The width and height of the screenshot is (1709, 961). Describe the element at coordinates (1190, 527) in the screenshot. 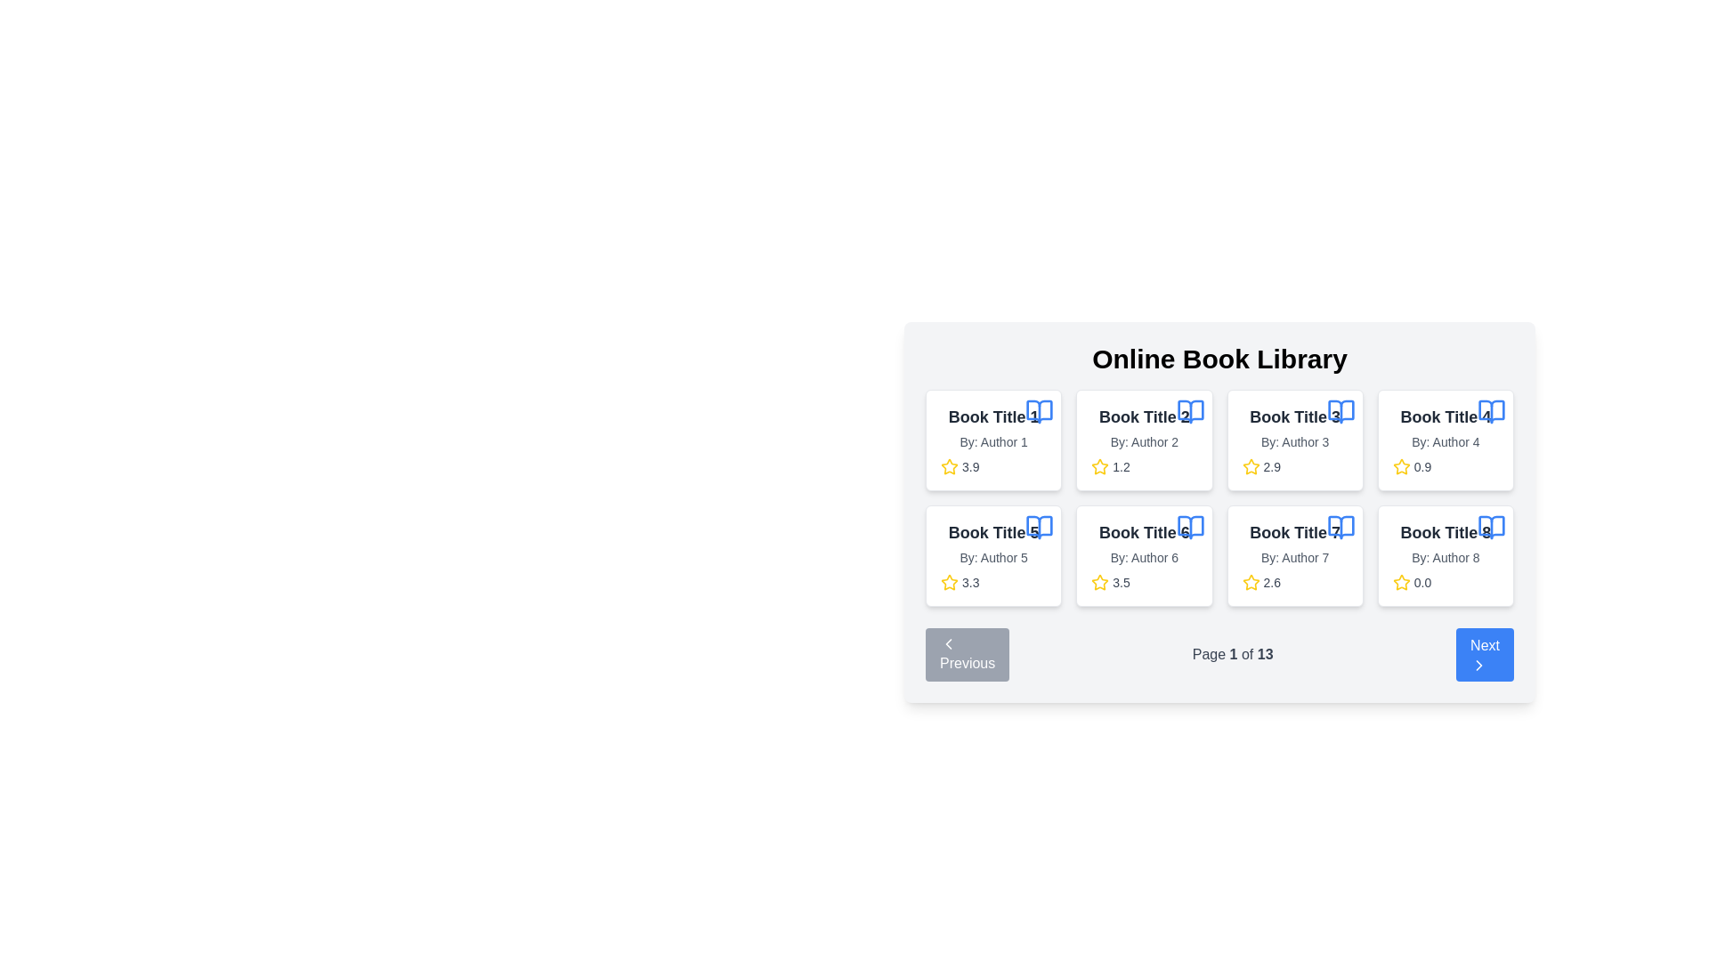

I see `the icon related to the book entry in the 'Book Title 6' card, which indicates options such as favorites or reading list` at that location.